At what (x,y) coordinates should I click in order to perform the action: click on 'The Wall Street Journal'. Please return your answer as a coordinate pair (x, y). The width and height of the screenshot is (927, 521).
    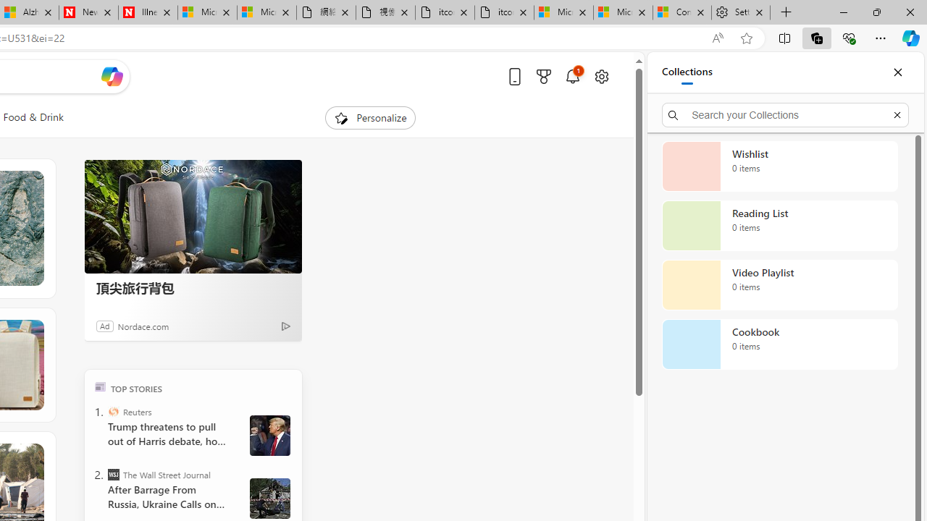
    Looking at the image, I should click on (112, 474).